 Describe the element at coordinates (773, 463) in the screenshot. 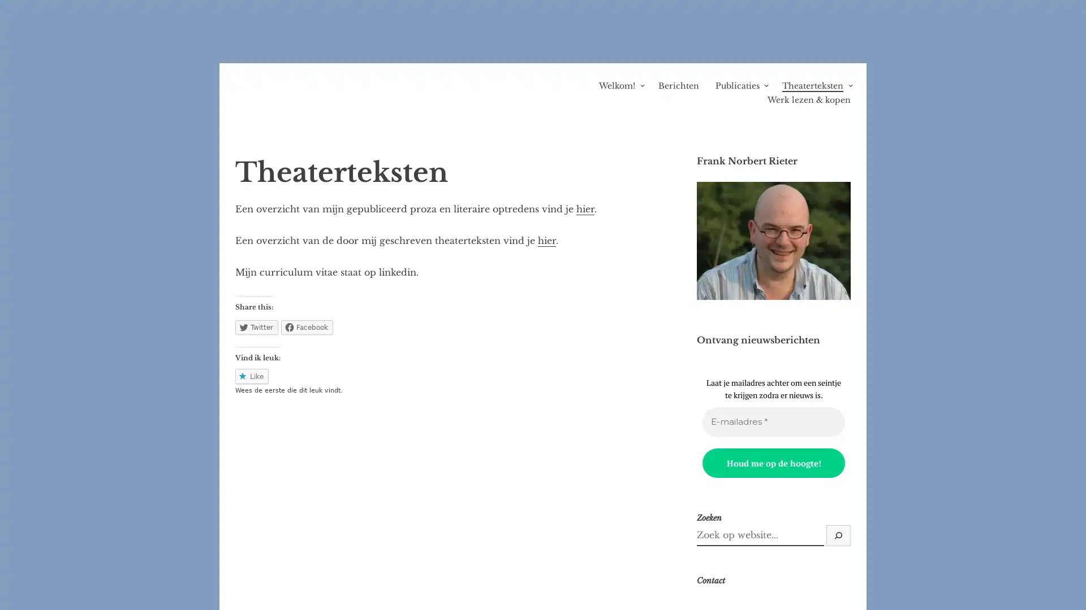

I see `Houd me op de hoogte!` at that location.